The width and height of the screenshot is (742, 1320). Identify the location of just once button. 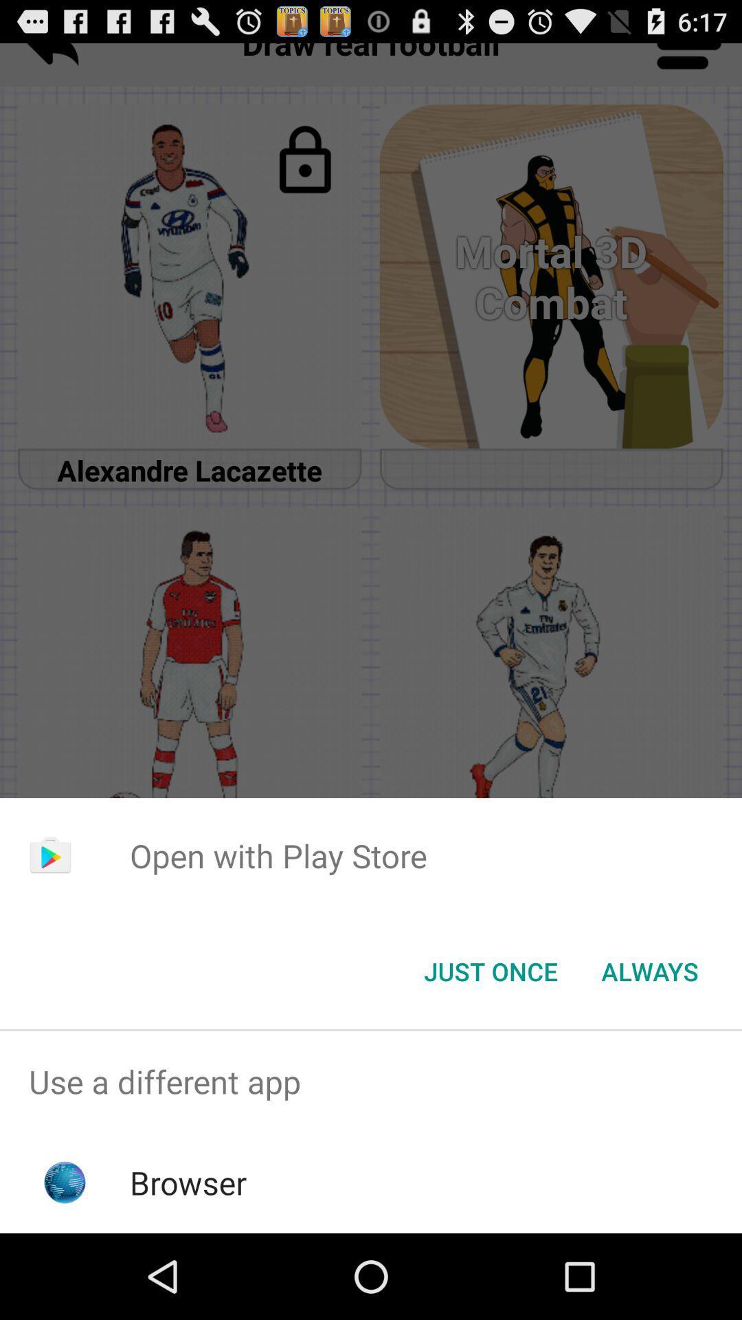
(490, 970).